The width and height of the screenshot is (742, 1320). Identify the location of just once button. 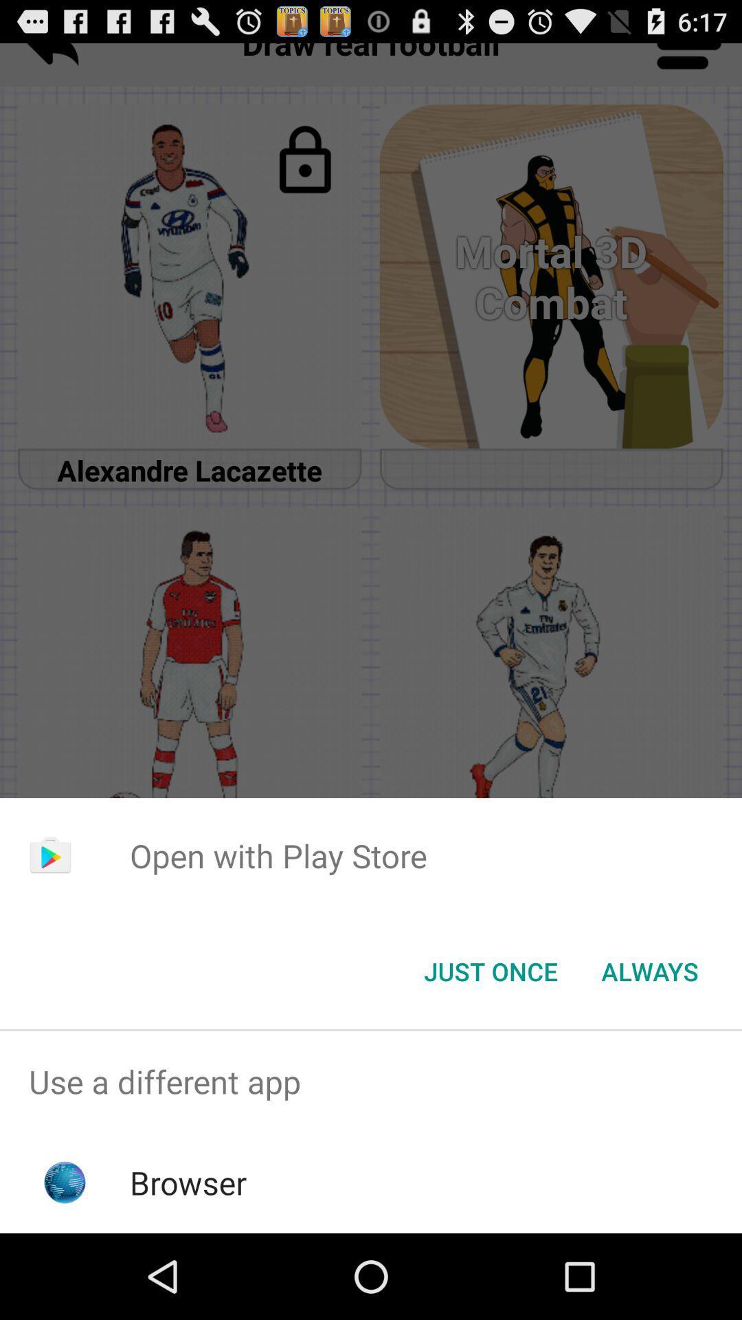
(490, 970).